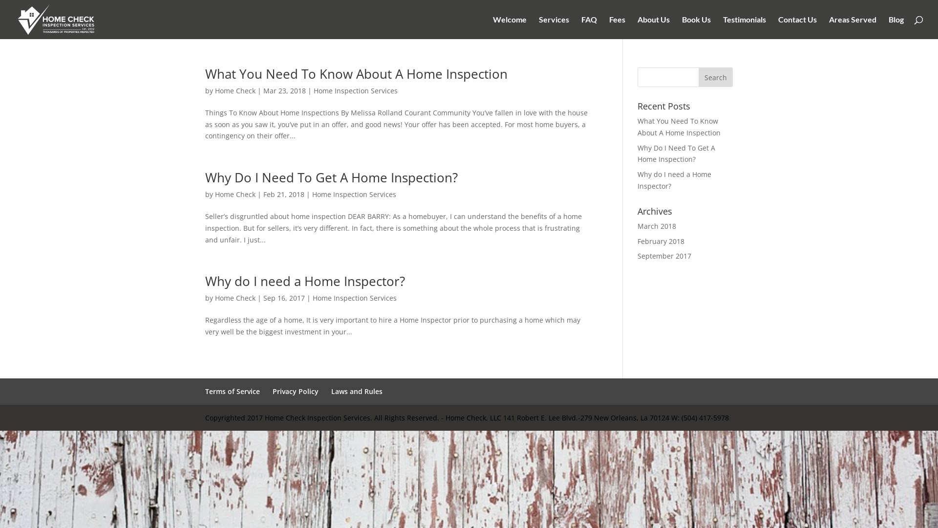 Image resolution: width=938 pixels, height=528 pixels. I want to click on 'Blog', so click(889, 27).